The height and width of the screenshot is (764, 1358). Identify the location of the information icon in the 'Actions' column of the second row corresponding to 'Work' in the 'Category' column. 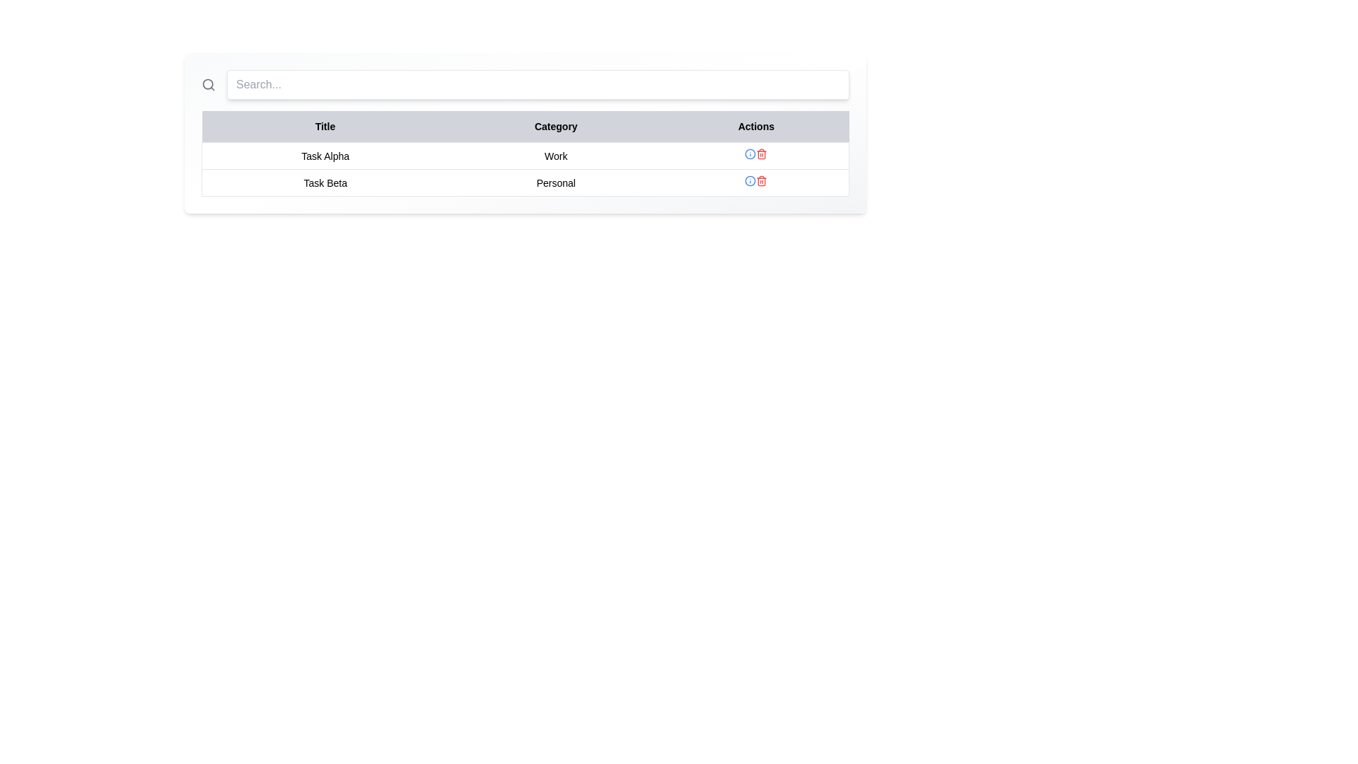
(755, 156).